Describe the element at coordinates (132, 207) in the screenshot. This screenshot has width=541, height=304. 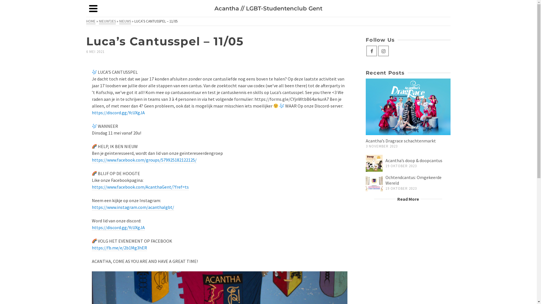
I see `'https://www.instagram.com/acanthalgbt/'` at that location.